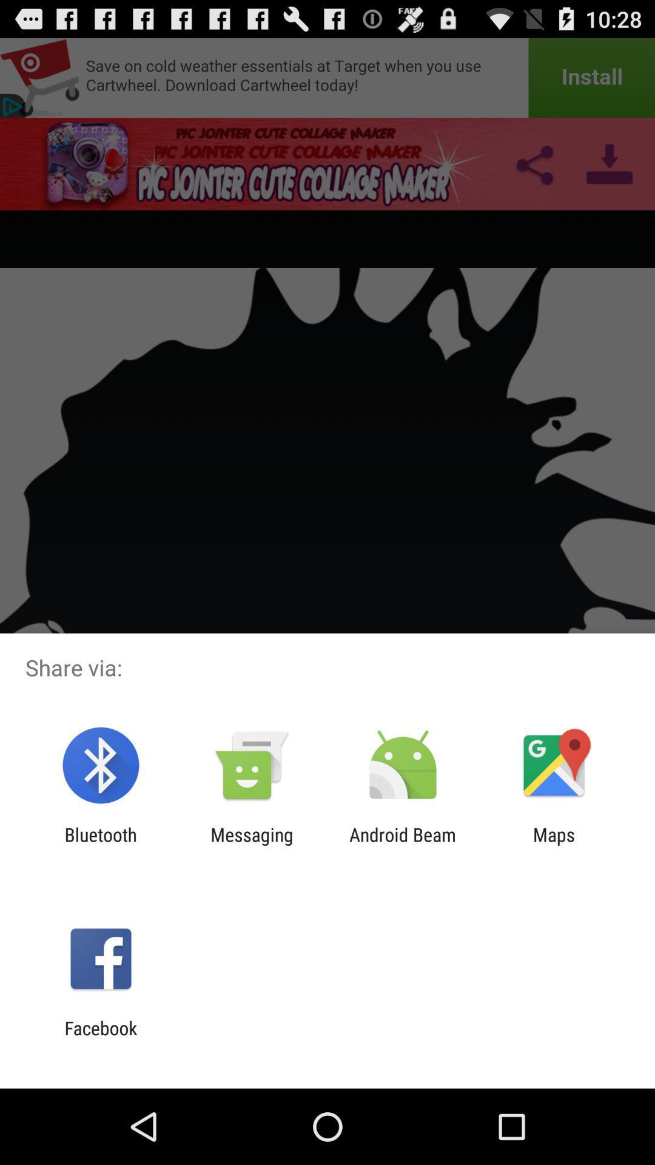 The width and height of the screenshot is (655, 1165). I want to click on android beam item, so click(403, 845).